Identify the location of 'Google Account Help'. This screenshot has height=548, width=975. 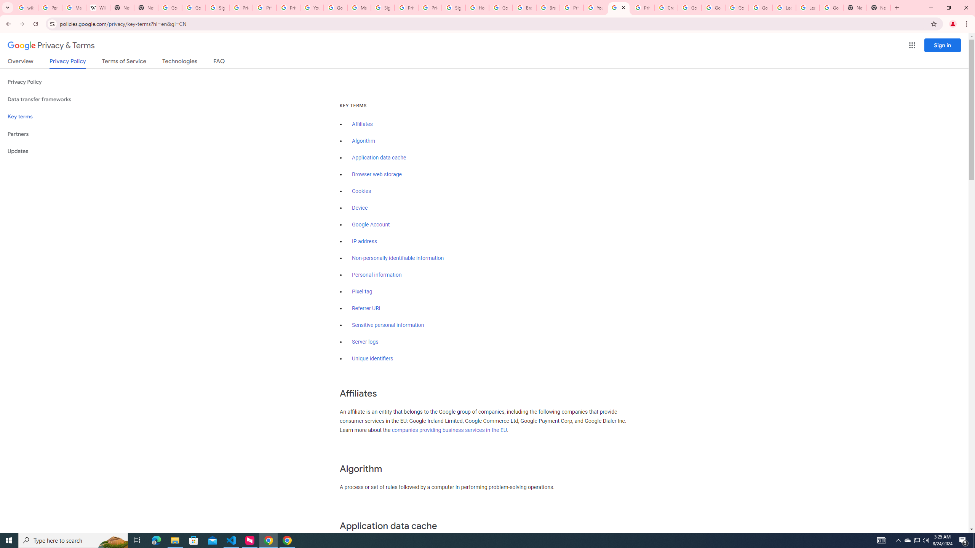
(736, 7).